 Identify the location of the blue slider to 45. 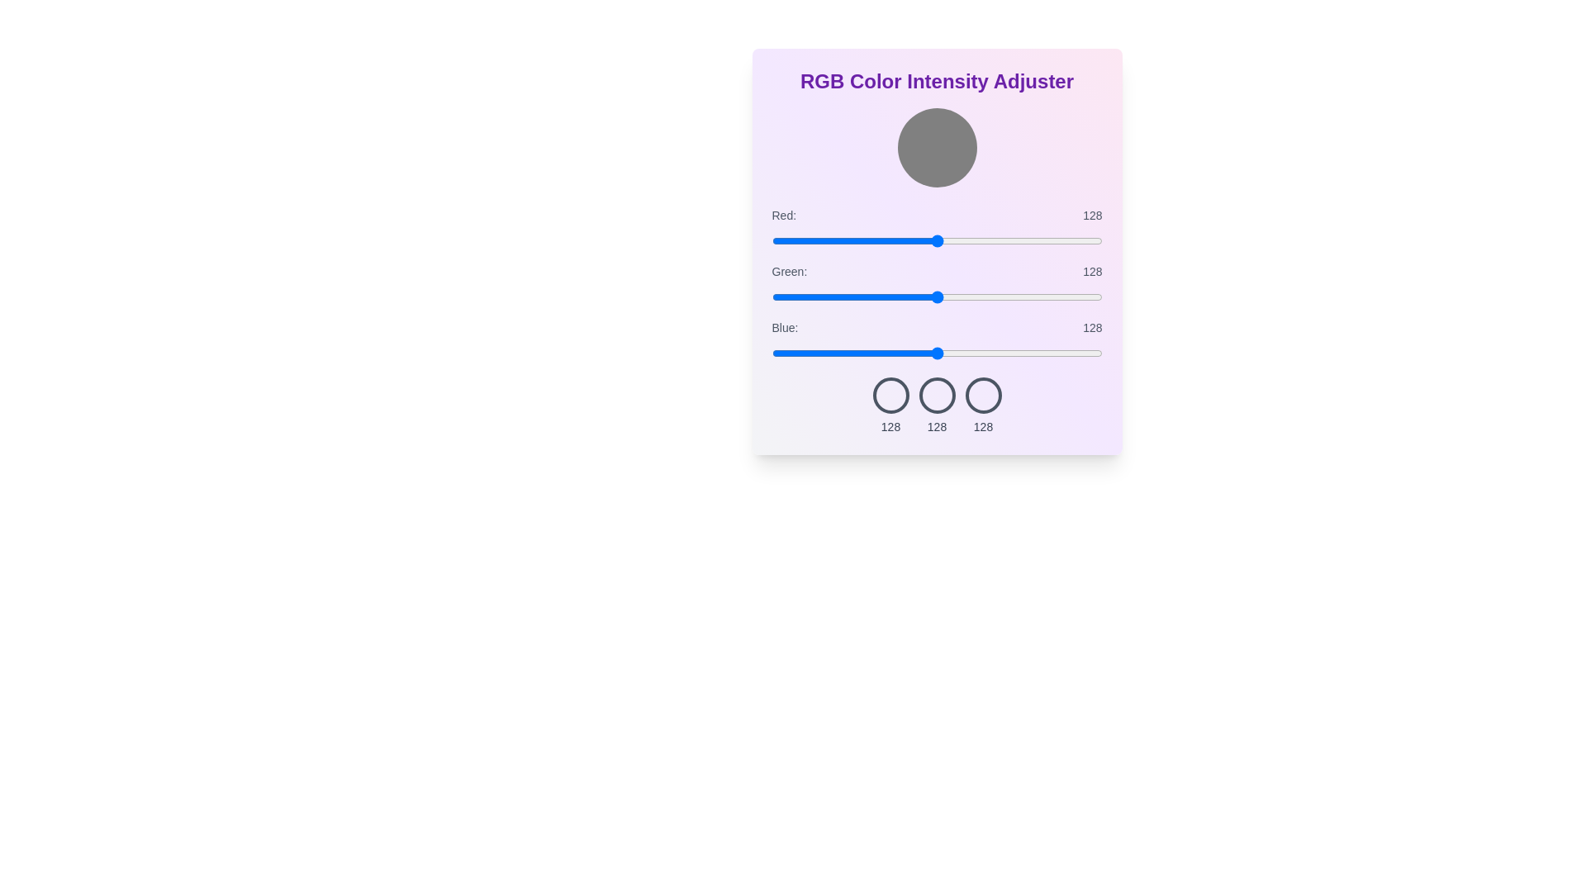
(830, 353).